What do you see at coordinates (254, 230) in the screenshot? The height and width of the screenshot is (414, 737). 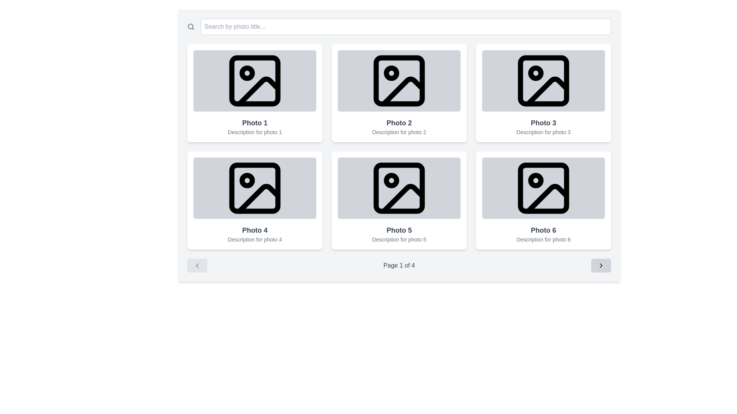 I see `the title text label located in the leftmost card of the second row, positioned below the image placeholder` at bounding box center [254, 230].